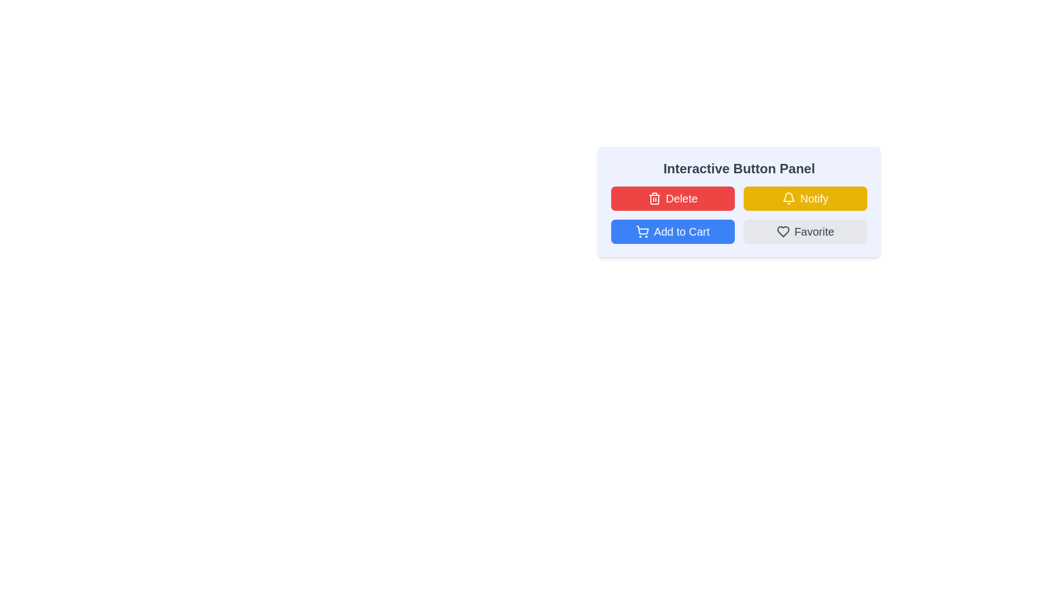 The image size is (1060, 596). Describe the element at coordinates (739, 168) in the screenshot. I see `the descriptive label positioned above the grid of interactive buttons, which serves as a title for the button panel` at that location.